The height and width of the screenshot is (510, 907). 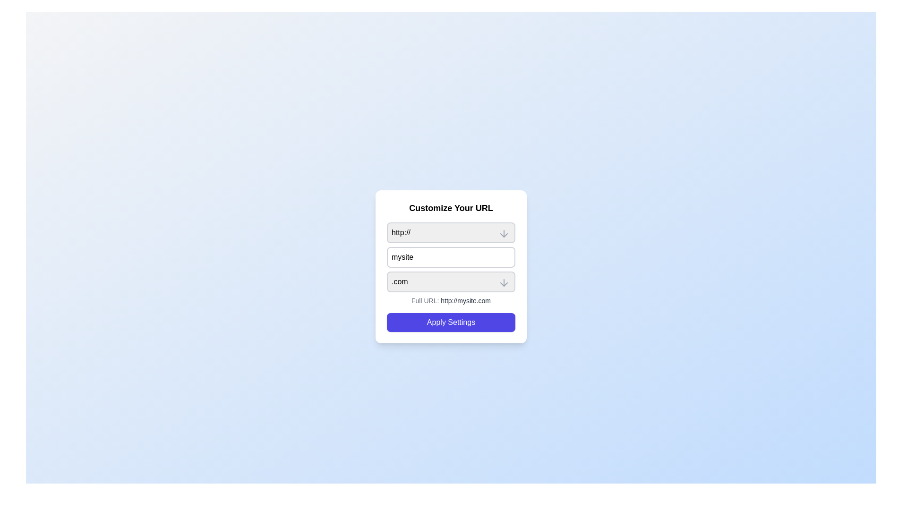 What do you see at coordinates (503, 282) in the screenshot?
I see `the icon located at the top-right corner of the dropdown input field for domain suffixes, which indicates and toggles the dropdown menu` at bounding box center [503, 282].